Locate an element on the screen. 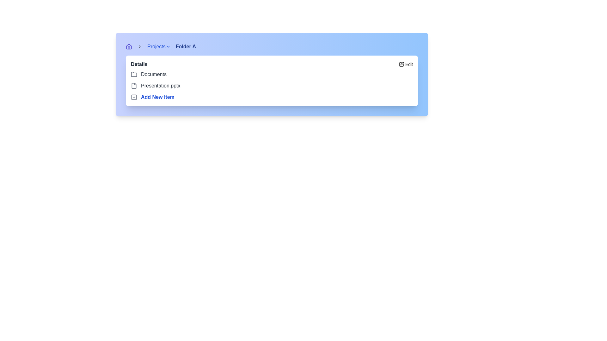  the static text label that indicates the functionality of adding a new item to the displayed list, positioned to the right of the plus-sign icon below the 'Details' folder contents is located at coordinates (157, 97).